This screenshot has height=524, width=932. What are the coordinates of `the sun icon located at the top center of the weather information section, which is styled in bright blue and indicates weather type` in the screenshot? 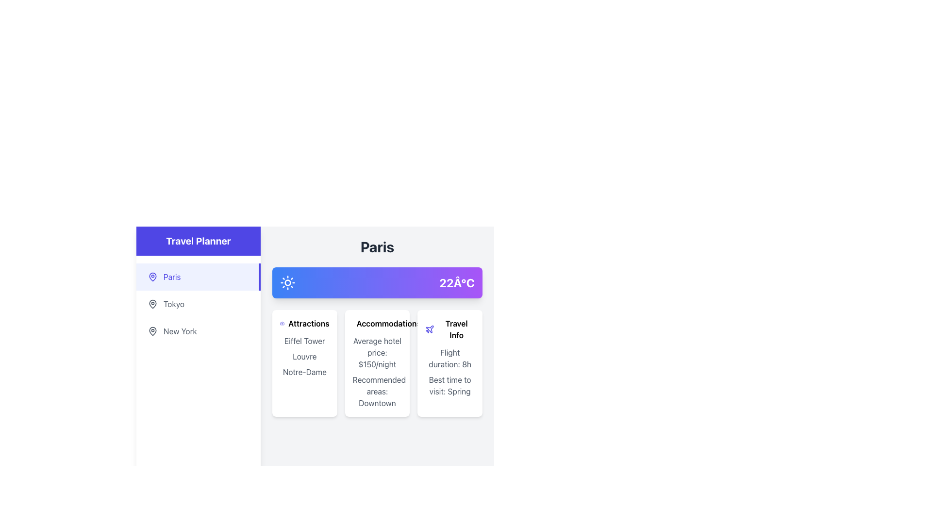 It's located at (287, 282).